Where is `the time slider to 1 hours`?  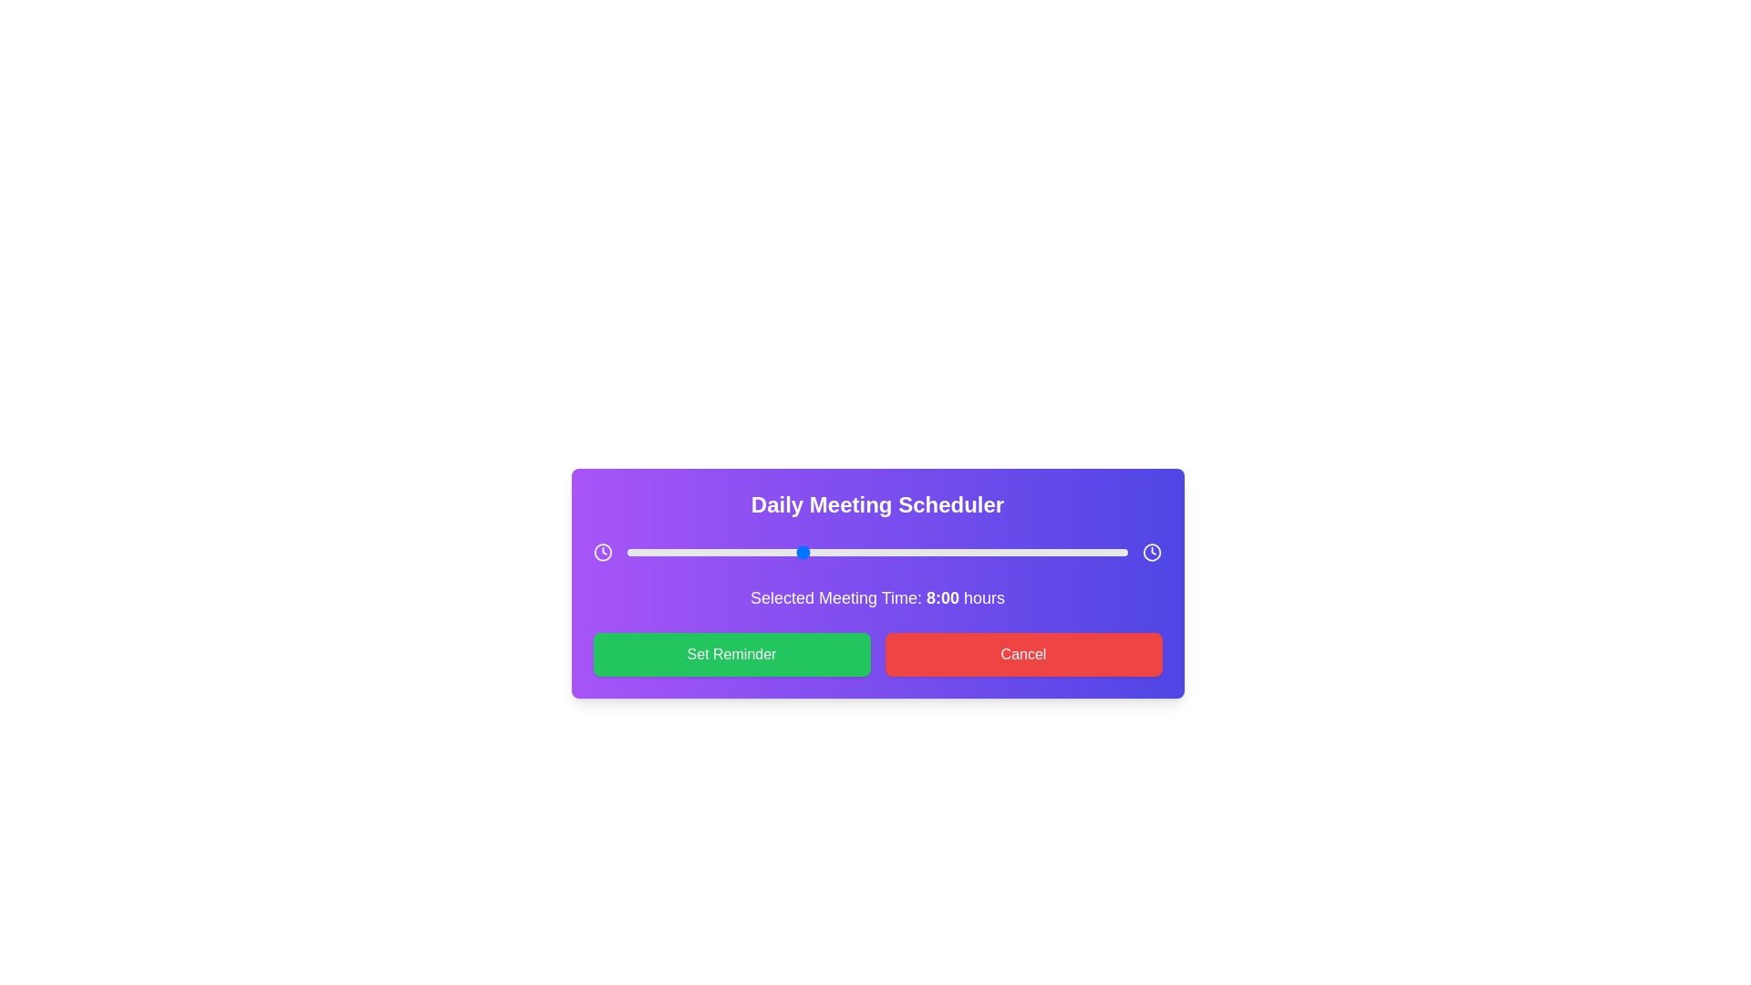 the time slider to 1 hours is located at coordinates (648, 551).